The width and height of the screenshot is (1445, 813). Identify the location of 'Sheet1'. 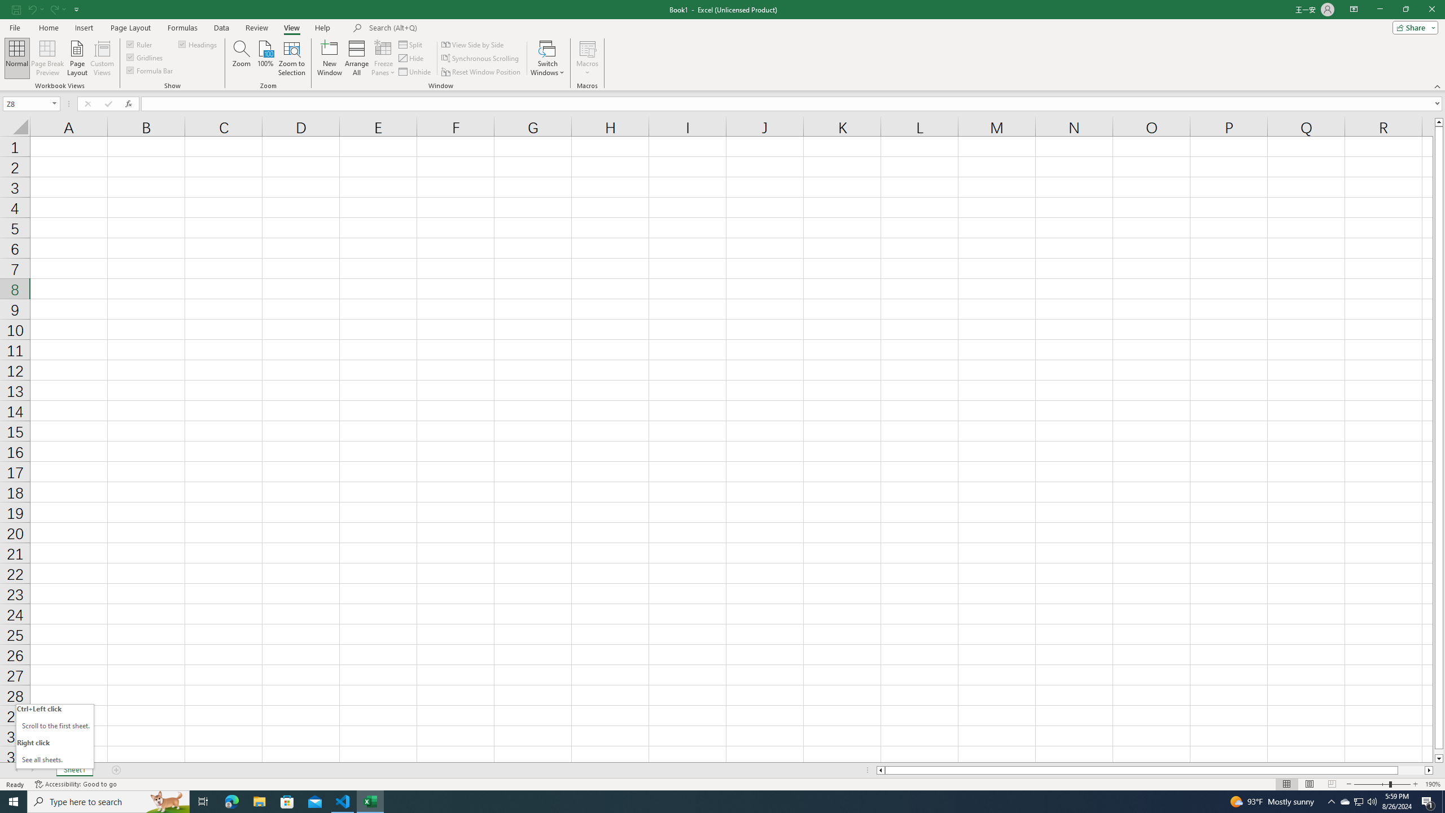
(73, 770).